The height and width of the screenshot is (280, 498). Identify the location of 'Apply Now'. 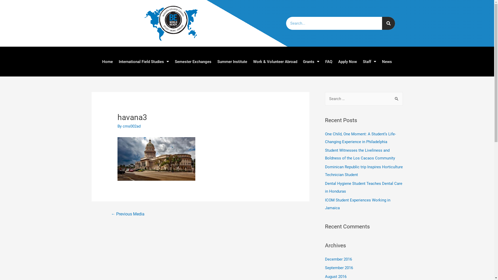
(348, 61).